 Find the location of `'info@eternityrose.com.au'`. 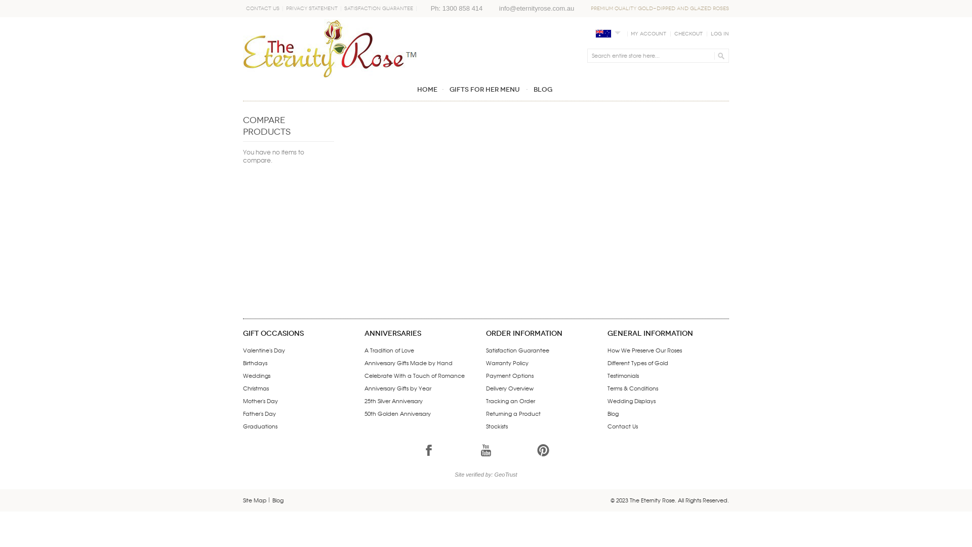

'info@eternityrose.com.au' is located at coordinates (536, 8).